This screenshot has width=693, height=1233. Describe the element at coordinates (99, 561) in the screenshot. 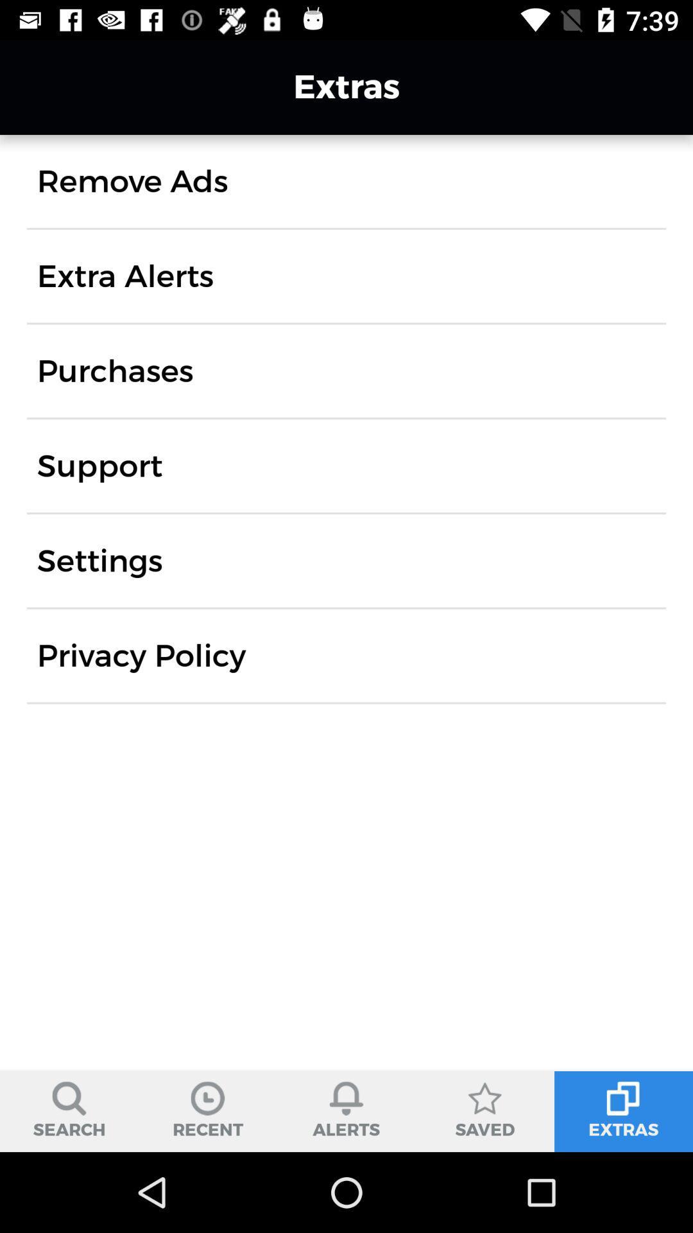

I see `the icon below support icon` at that location.